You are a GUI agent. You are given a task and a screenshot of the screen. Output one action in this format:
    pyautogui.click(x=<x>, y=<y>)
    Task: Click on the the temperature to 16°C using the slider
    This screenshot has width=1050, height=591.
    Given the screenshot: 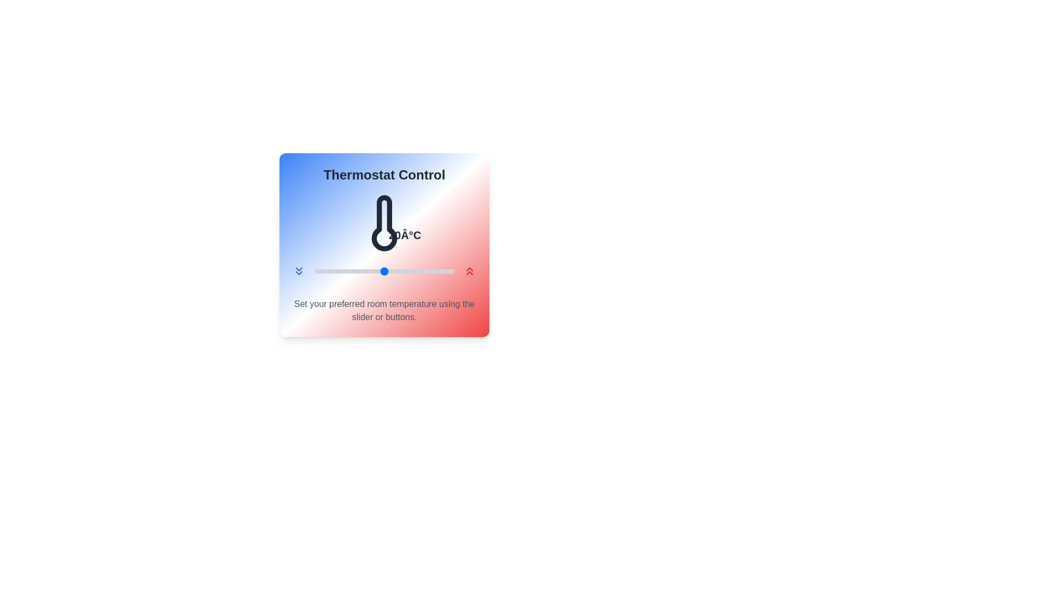 What is the action you would take?
    pyautogui.click(x=356, y=271)
    